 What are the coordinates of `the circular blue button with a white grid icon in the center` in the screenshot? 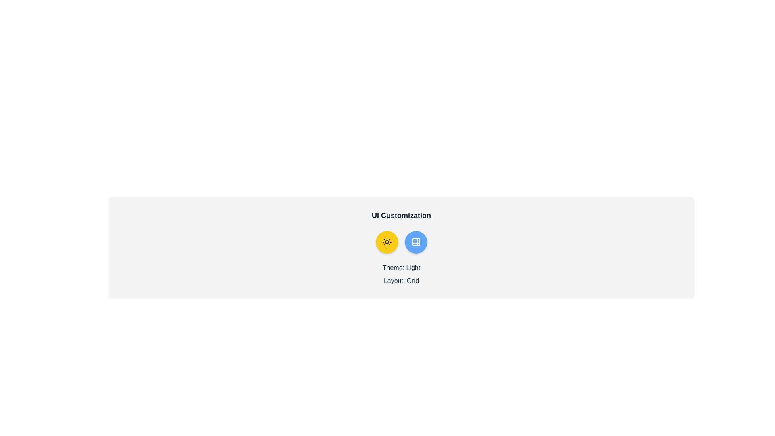 It's located at (416, 242).